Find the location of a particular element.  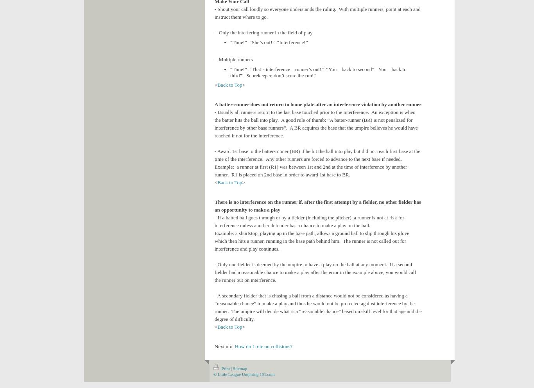

'A batter-runner does not return to home plate after an interference violation by another runner' is located at coordinates (317, 104).